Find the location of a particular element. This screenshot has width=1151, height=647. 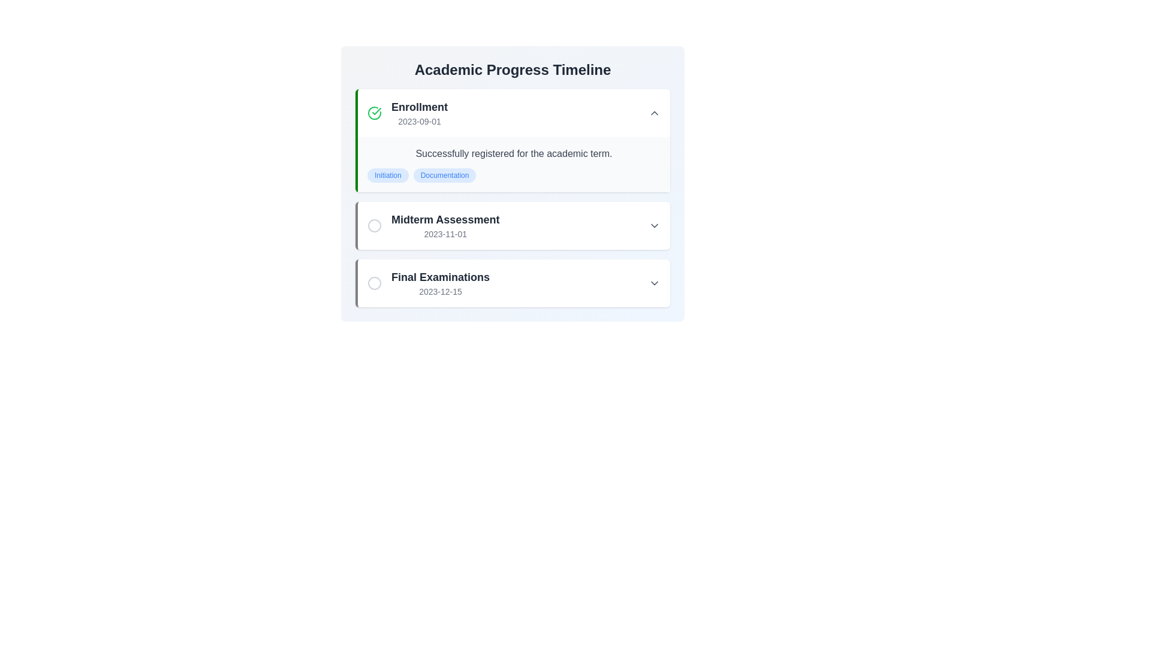

text content of the Text block with stacked labels that displays 'Final Examinations' in bold and '2023-12-15' beneath it, located in the third row of the vertical timeline is located at coordinates (439, 283).